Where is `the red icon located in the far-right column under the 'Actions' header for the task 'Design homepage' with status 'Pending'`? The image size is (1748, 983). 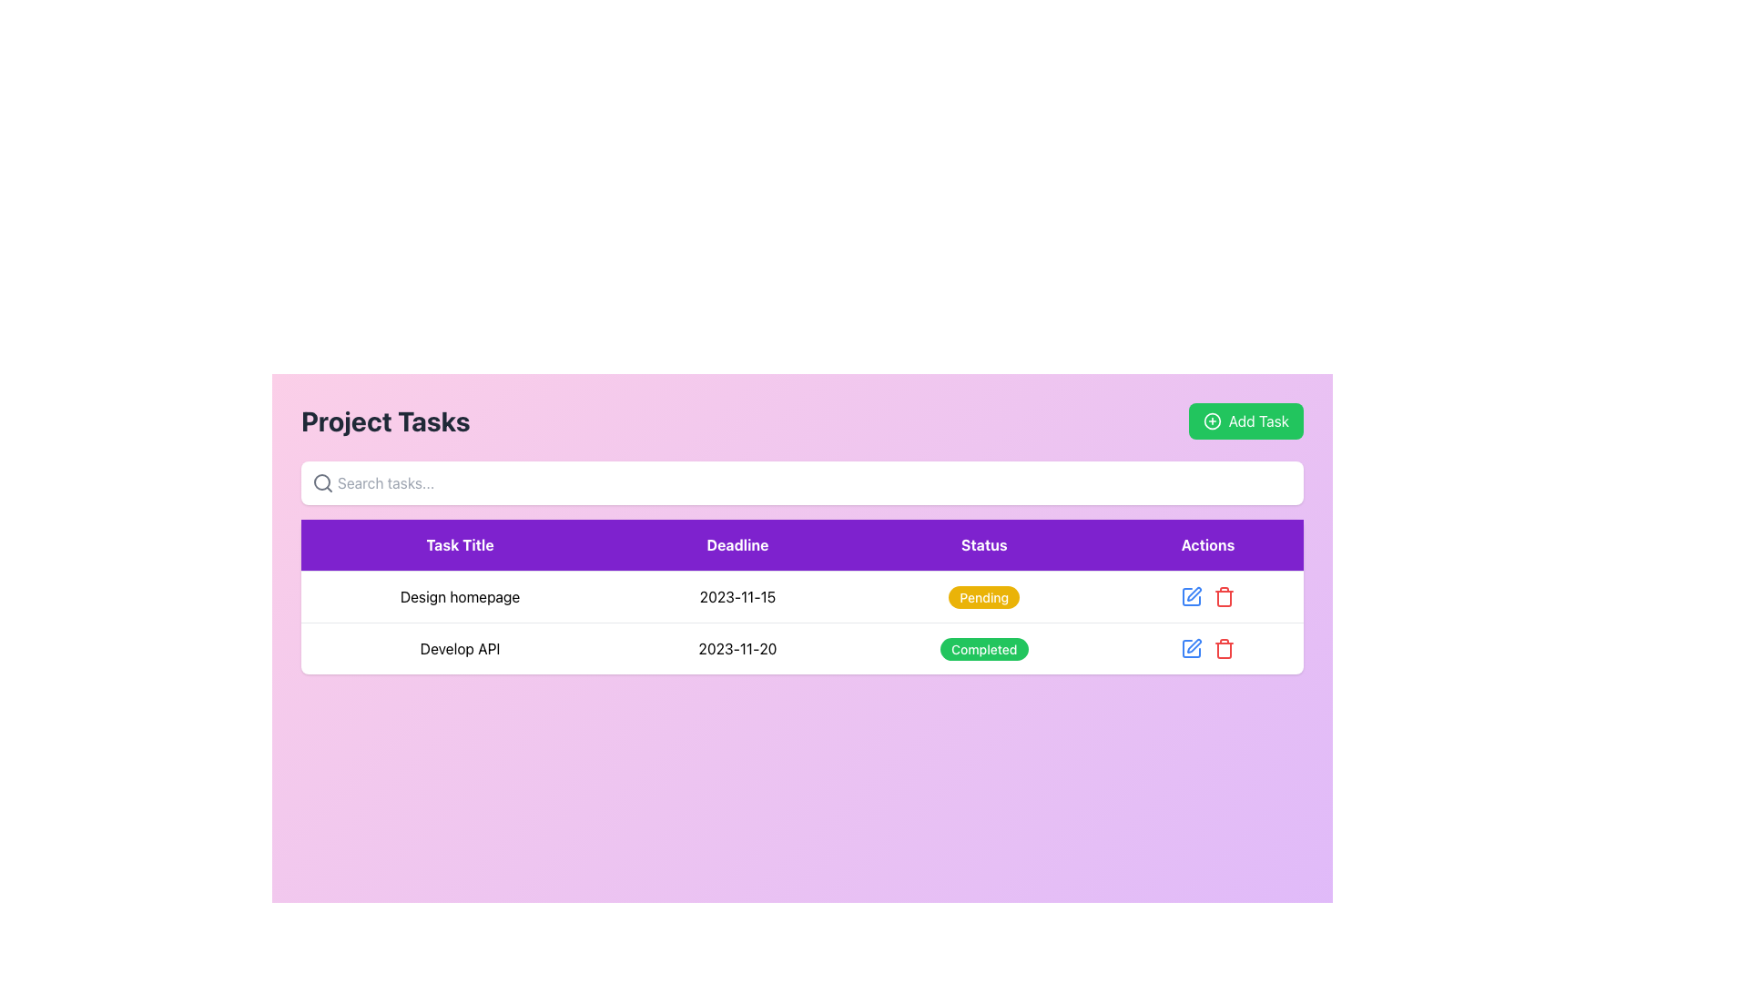 the red icon located in the far-right column under the 'Actions' header for the task 'Design homepage' with status 'Pending' is located at coordinates (1207, 596).